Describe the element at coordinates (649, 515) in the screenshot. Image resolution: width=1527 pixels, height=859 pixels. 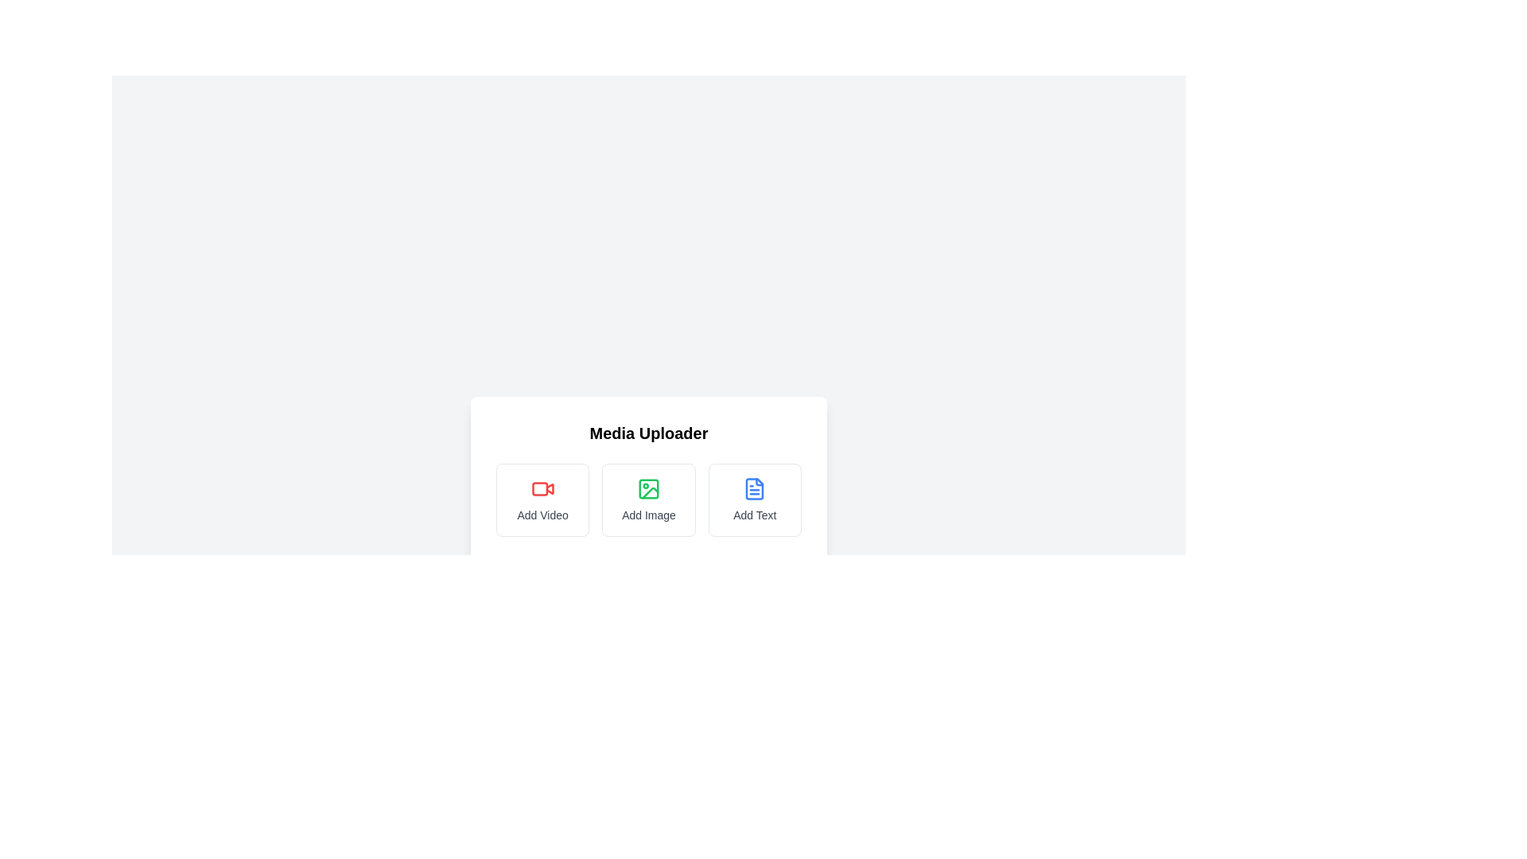
I see `the text label that describes the action of adding an image, located at the bottom of the central card beneath the image icon` at that location.